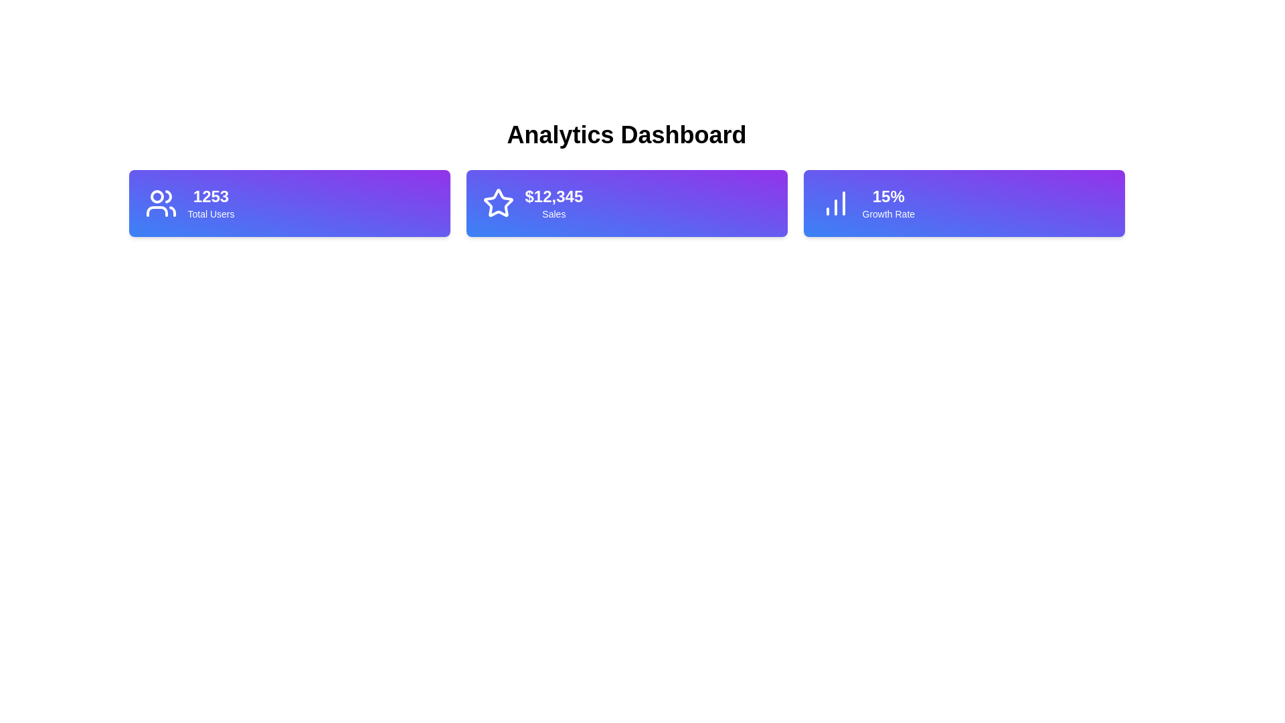 This screenshot has width=1285, height=723. I want to click on the 'Total Users' text label located below the number '1253' in the first blue gradient card, so click(210, 214).